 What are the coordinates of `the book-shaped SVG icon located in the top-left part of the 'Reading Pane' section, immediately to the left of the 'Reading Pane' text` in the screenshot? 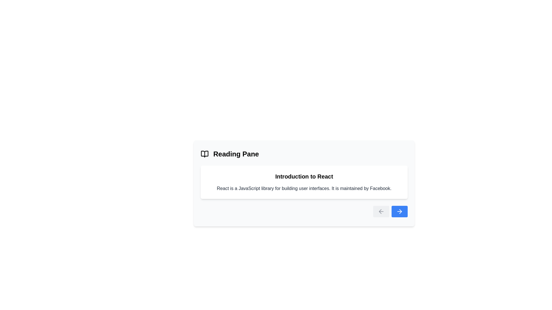 It's located at (204, 154).